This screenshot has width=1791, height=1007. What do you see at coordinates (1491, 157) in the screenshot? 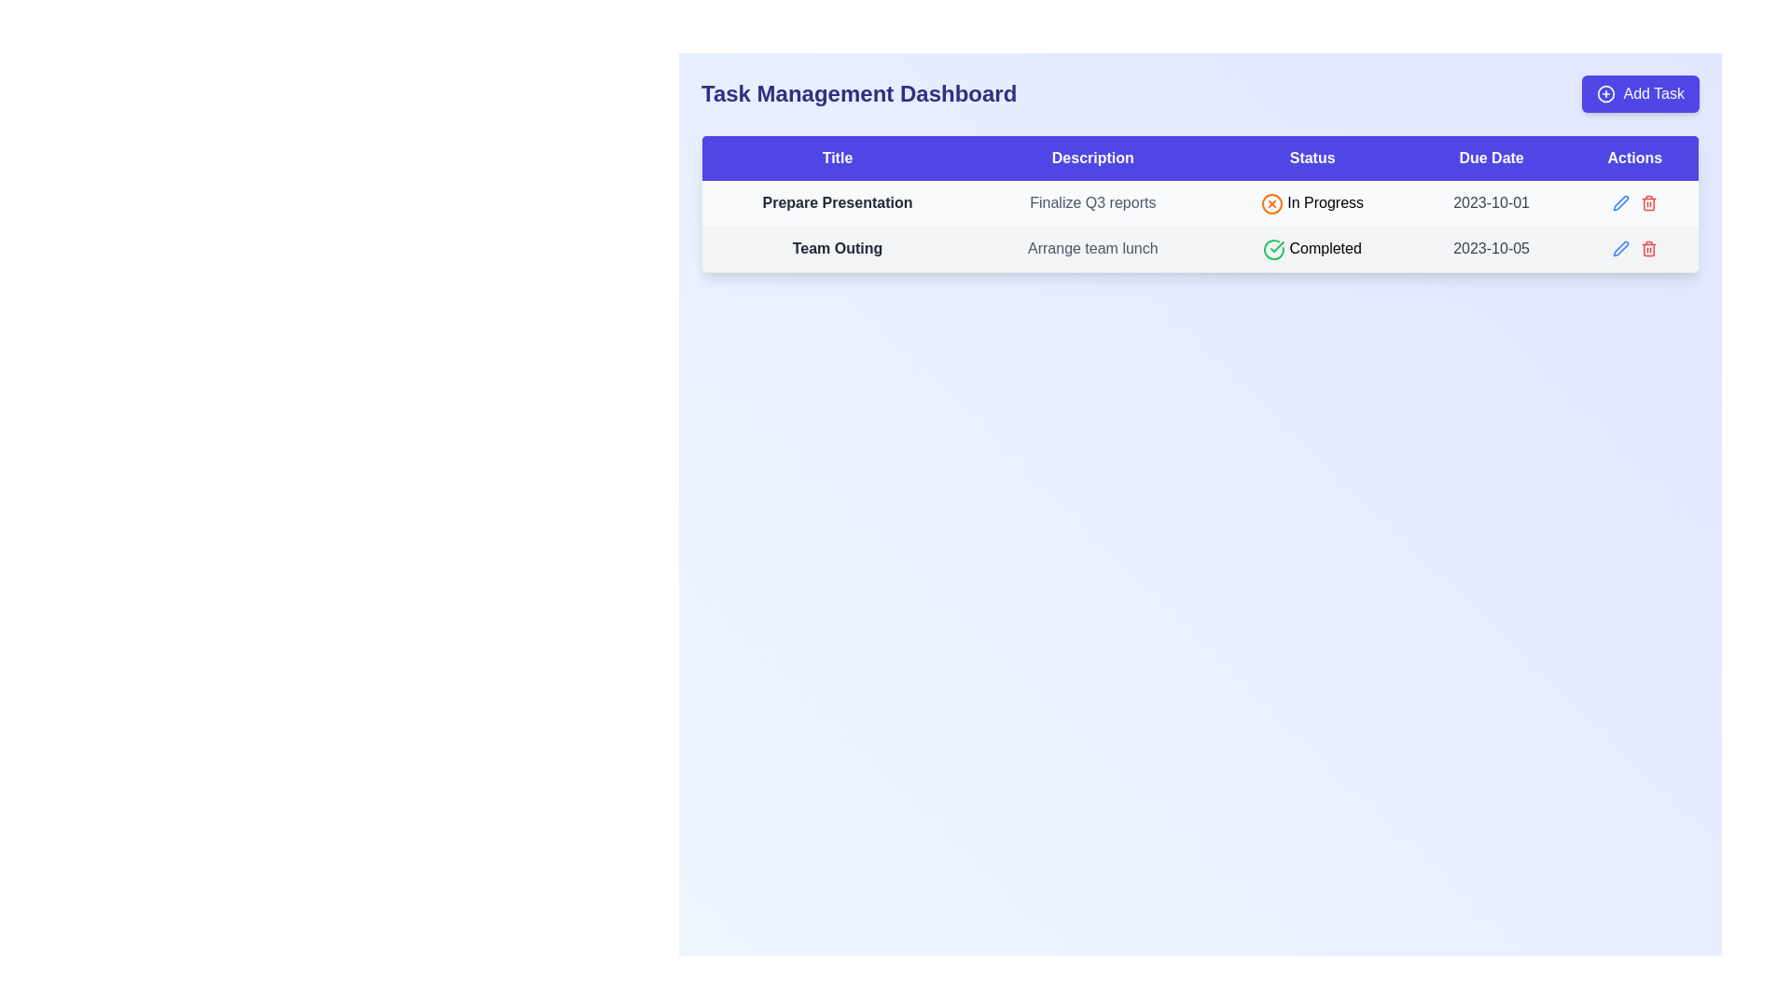
I see `the 'Due Date' table header, which is the fourth column header positioned between 'Status' and 'Actions'` at bounding box center [1491, 157].